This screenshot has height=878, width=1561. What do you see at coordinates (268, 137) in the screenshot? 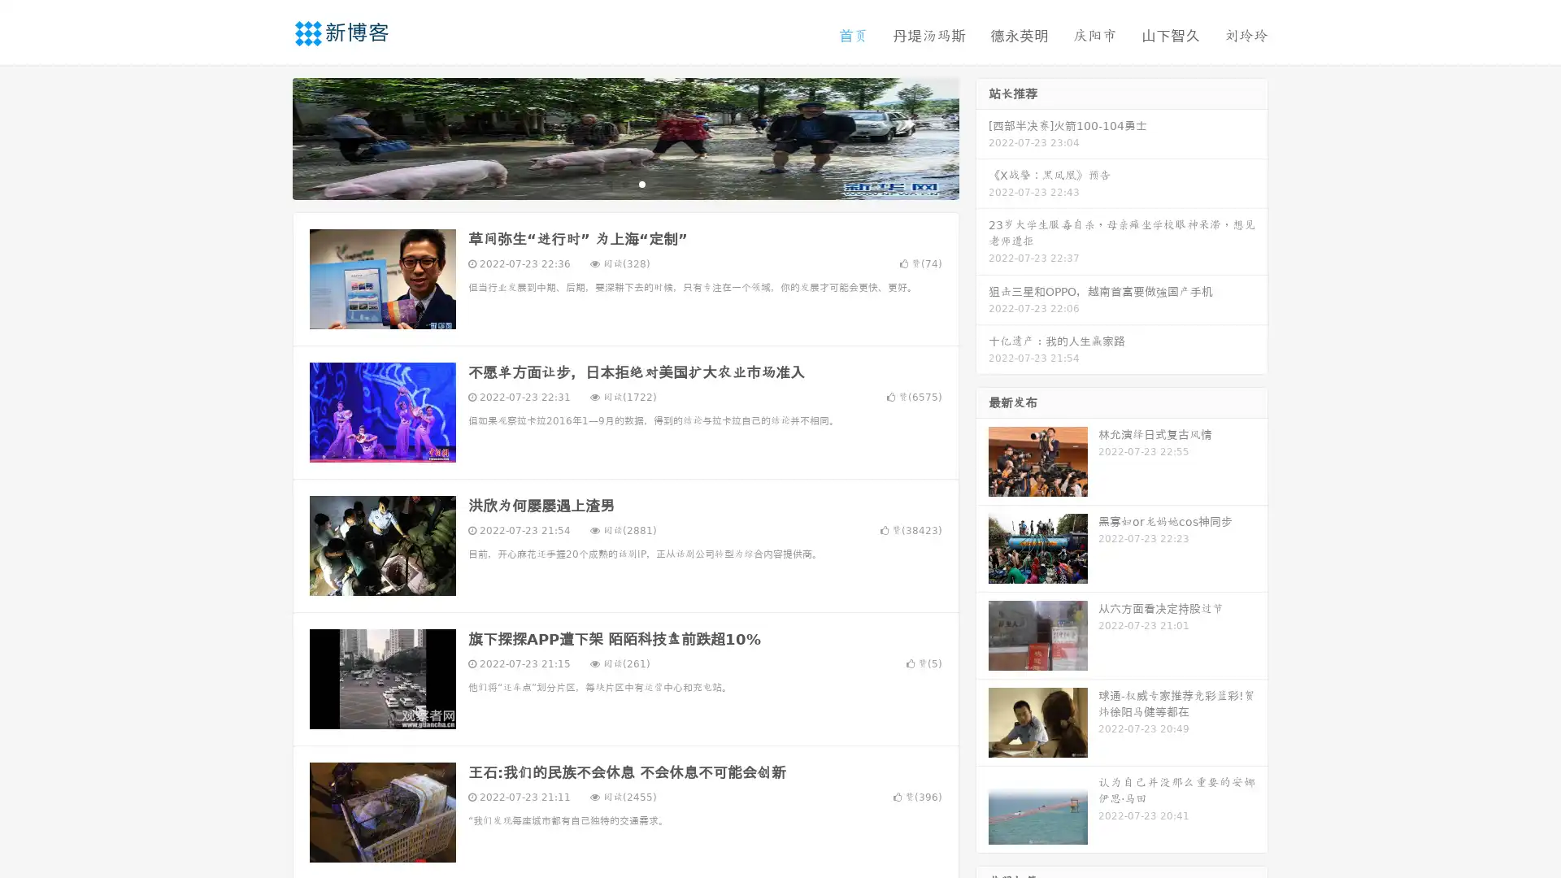
I see `Previous slide` at bounding box center [268, 137].